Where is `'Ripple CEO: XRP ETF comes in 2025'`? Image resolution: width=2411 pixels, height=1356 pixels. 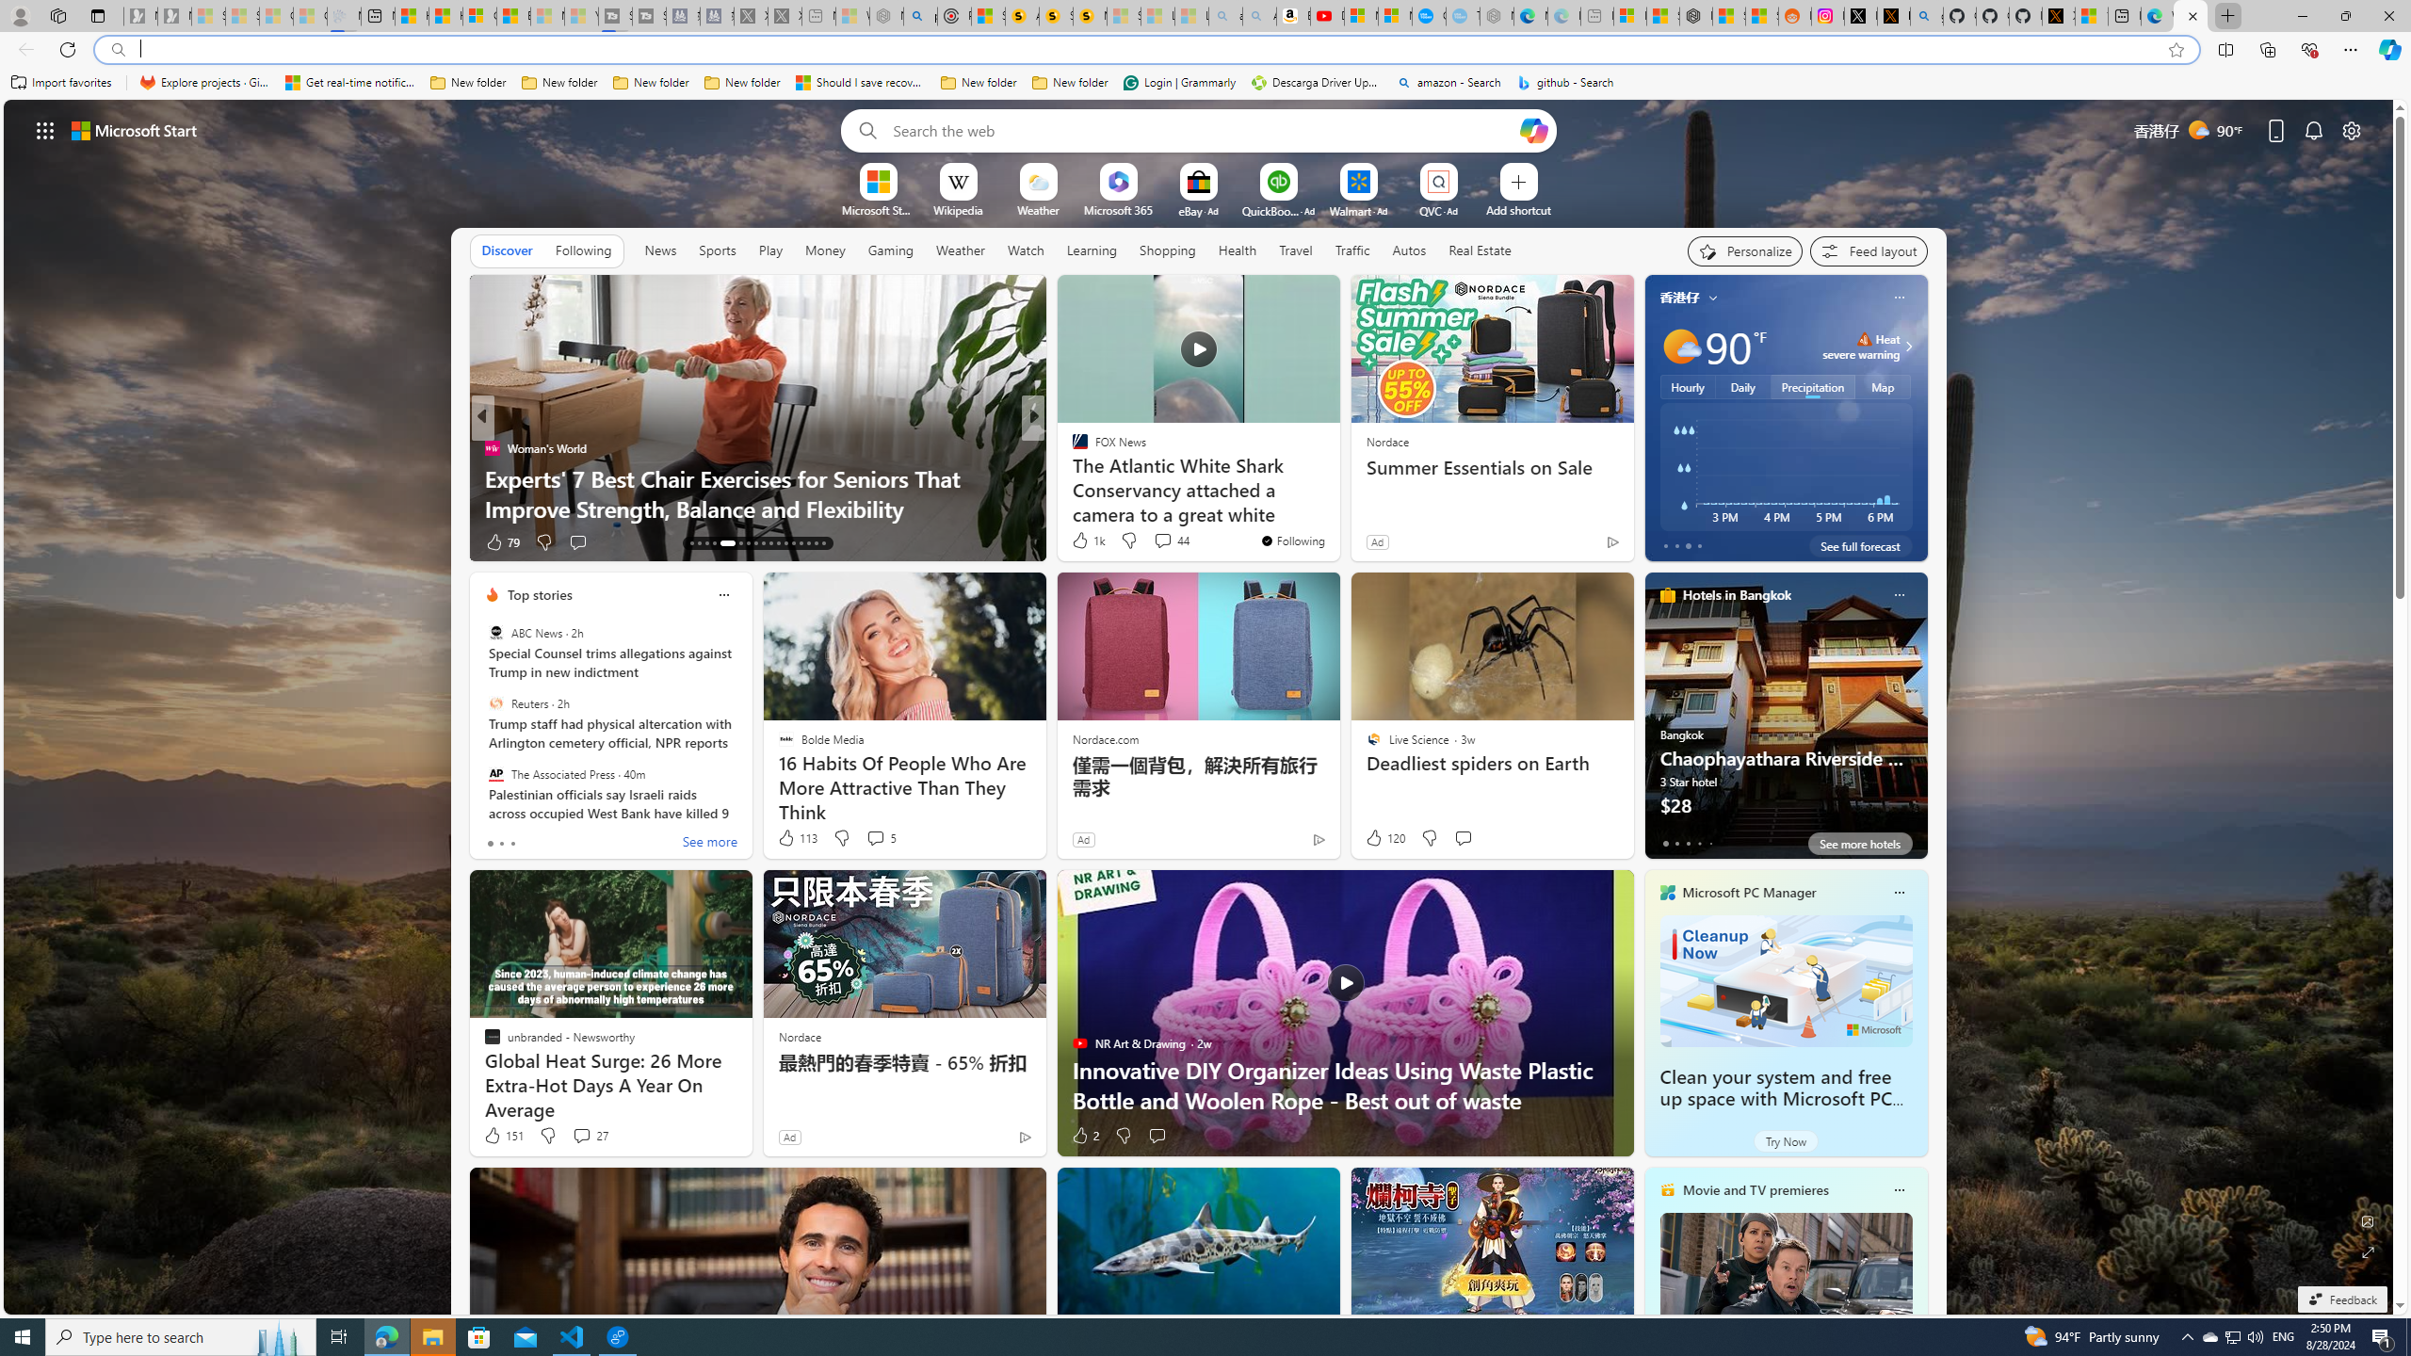
'Ripple CEO: XRP ETF comes in 2025' is located at coordinates (1335, 508).